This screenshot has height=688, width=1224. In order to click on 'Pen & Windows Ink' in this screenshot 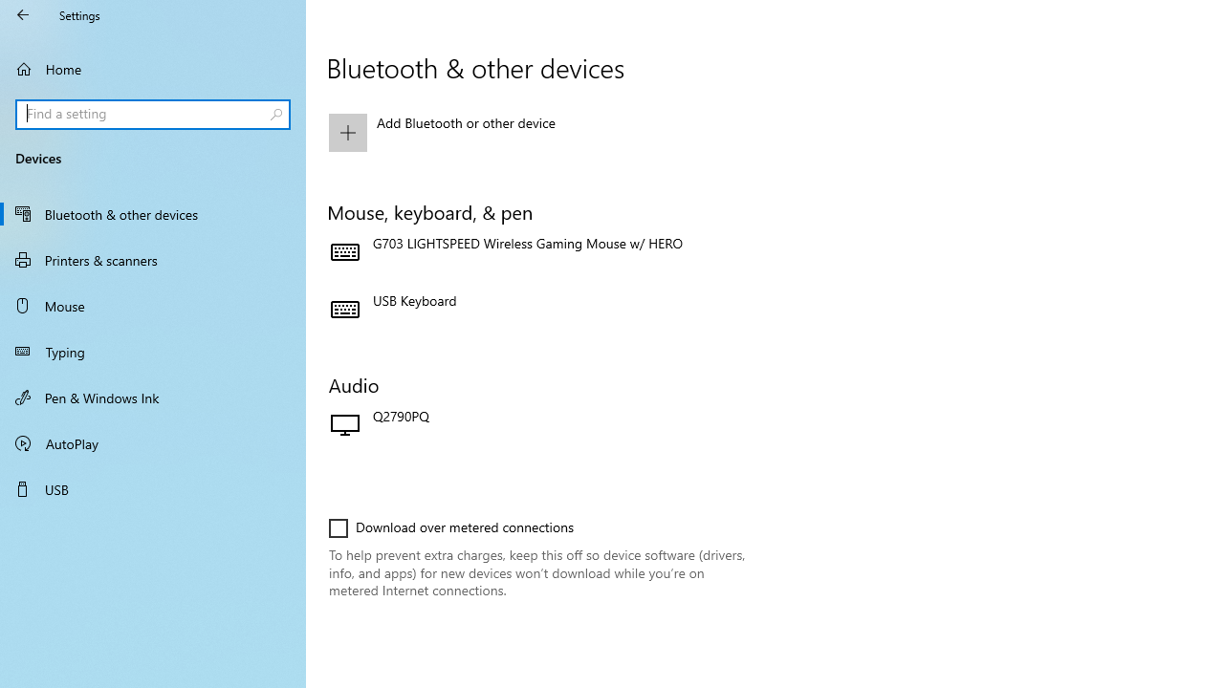, I will do `click(153, 396)`.